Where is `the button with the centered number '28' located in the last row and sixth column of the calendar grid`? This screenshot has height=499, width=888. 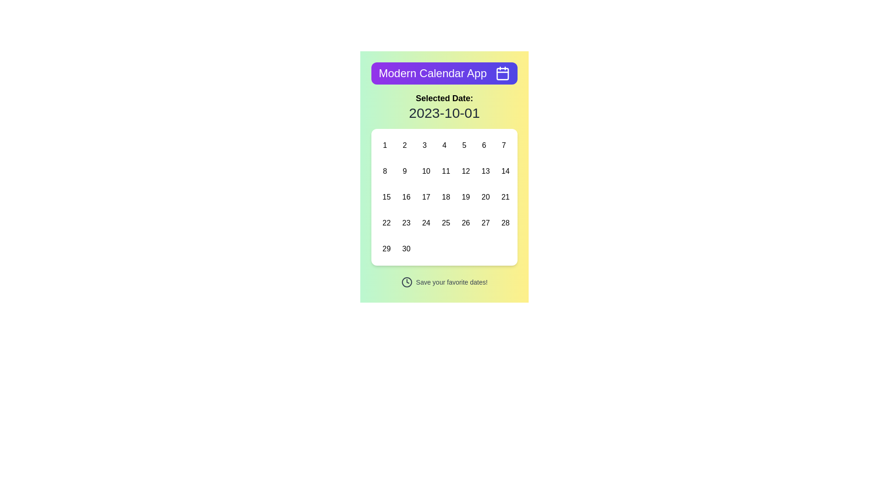 the button with the centered number '28' located in the last row and sixth column of the calendar grid is located at coordinates (503, 223).